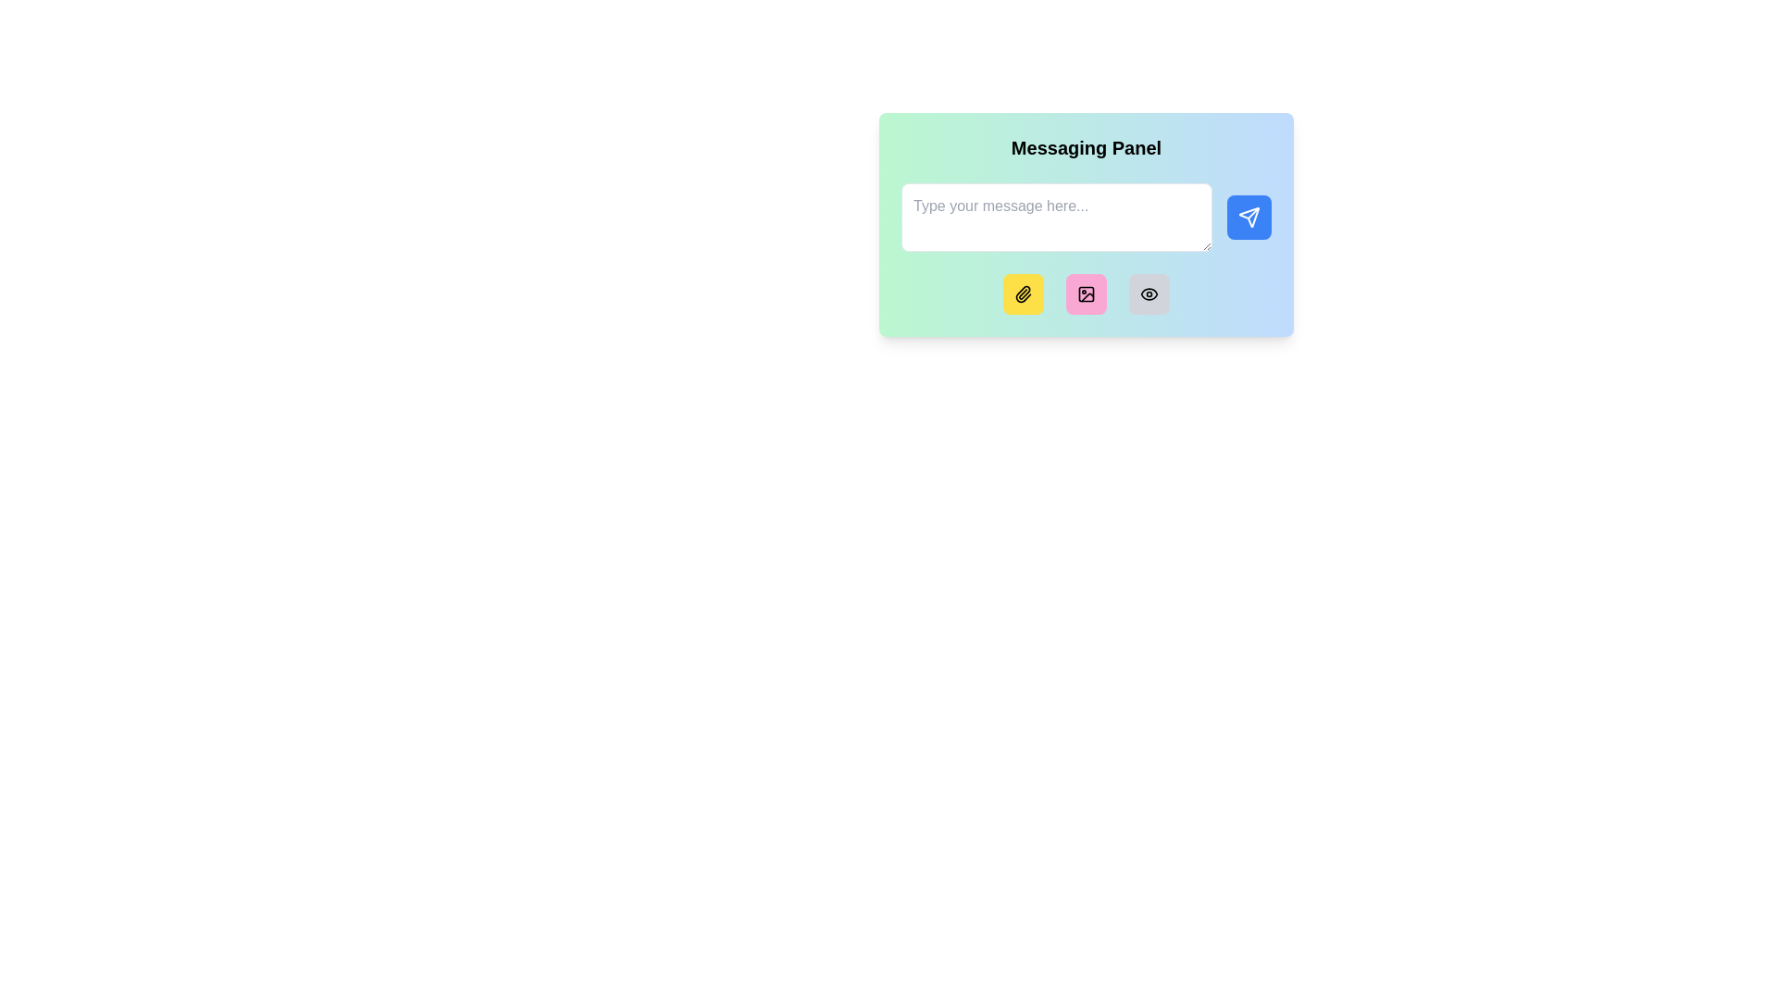 The height and width of the screenshot is (1000, 1777). I want to click on the 'Send' button icon located in the top-right region of the 'Messaging Panel', which has a blue circular background with a white symbol, so click(1249, 217).